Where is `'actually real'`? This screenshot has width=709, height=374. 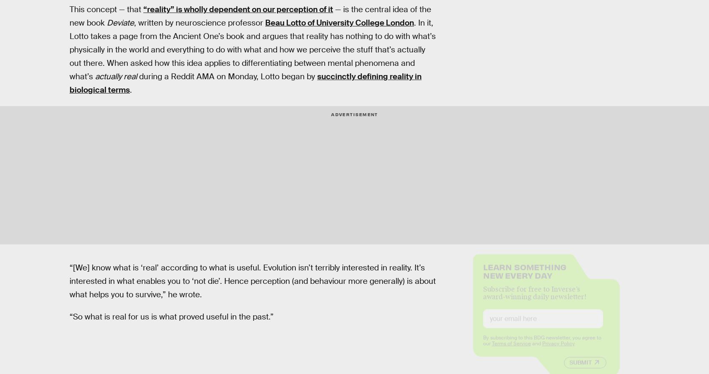
'actually real' is located at coordinates (95, 76).